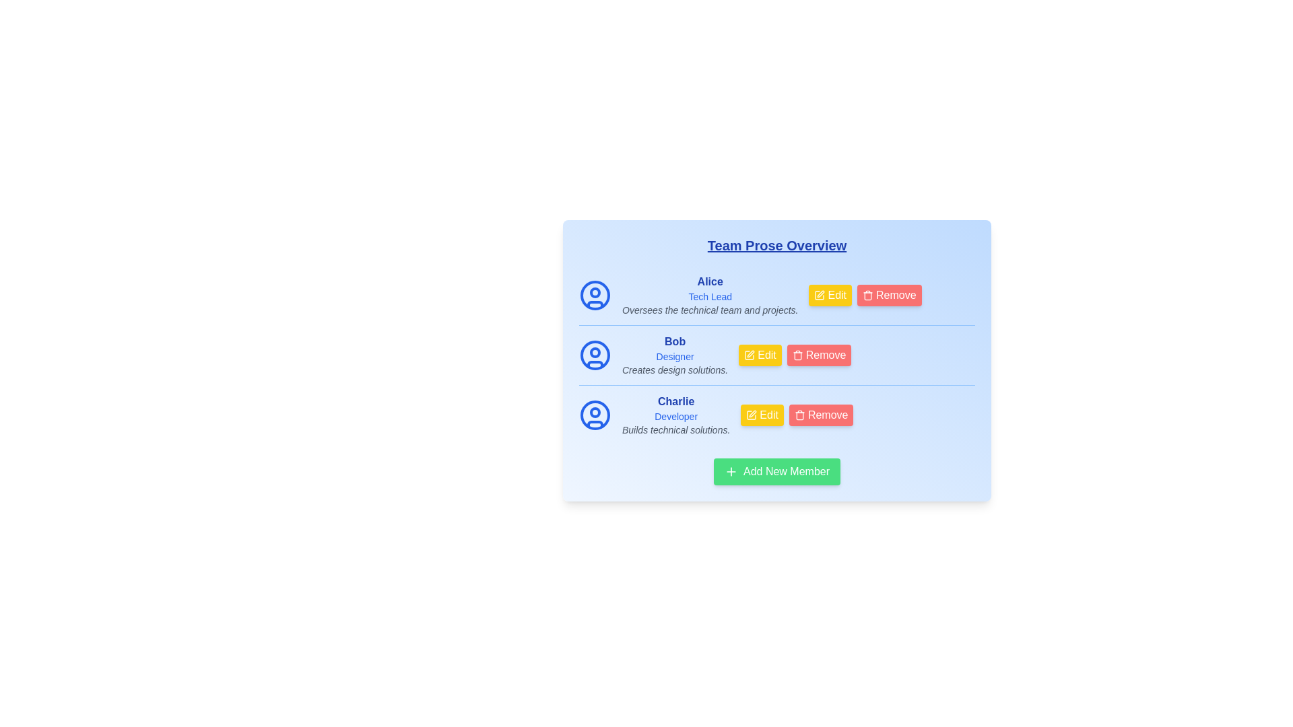 This screenshot has height=727, width=1293. Describe the element at coordinates (797, 355) in the screenshot. I see `the trash bin icon within the 'Remove' button located to the right of the list item for the team member 'Bob'` at that location.